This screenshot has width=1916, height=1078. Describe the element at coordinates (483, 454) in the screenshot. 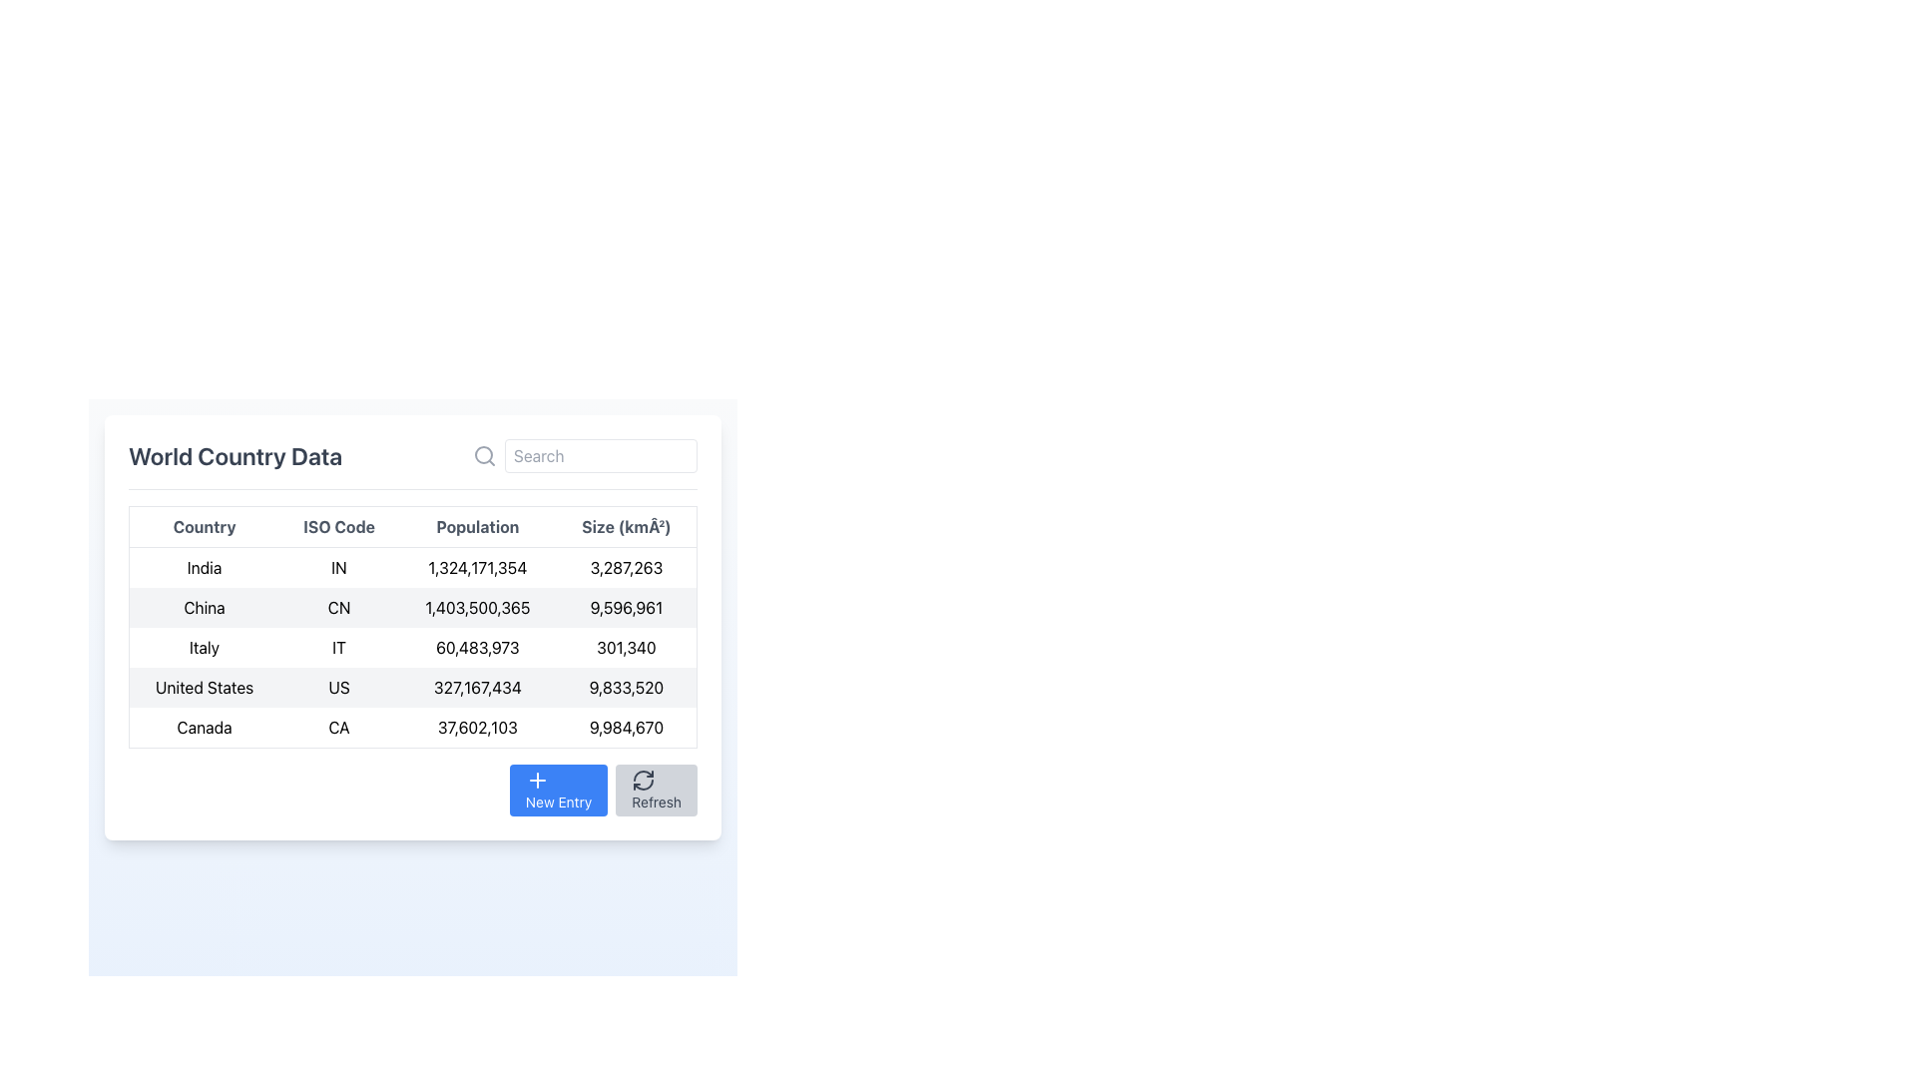

I see `the circular part of the magnifying glass icon used for search functionality, located near the right edge of the header section of the data table interface` at that location.